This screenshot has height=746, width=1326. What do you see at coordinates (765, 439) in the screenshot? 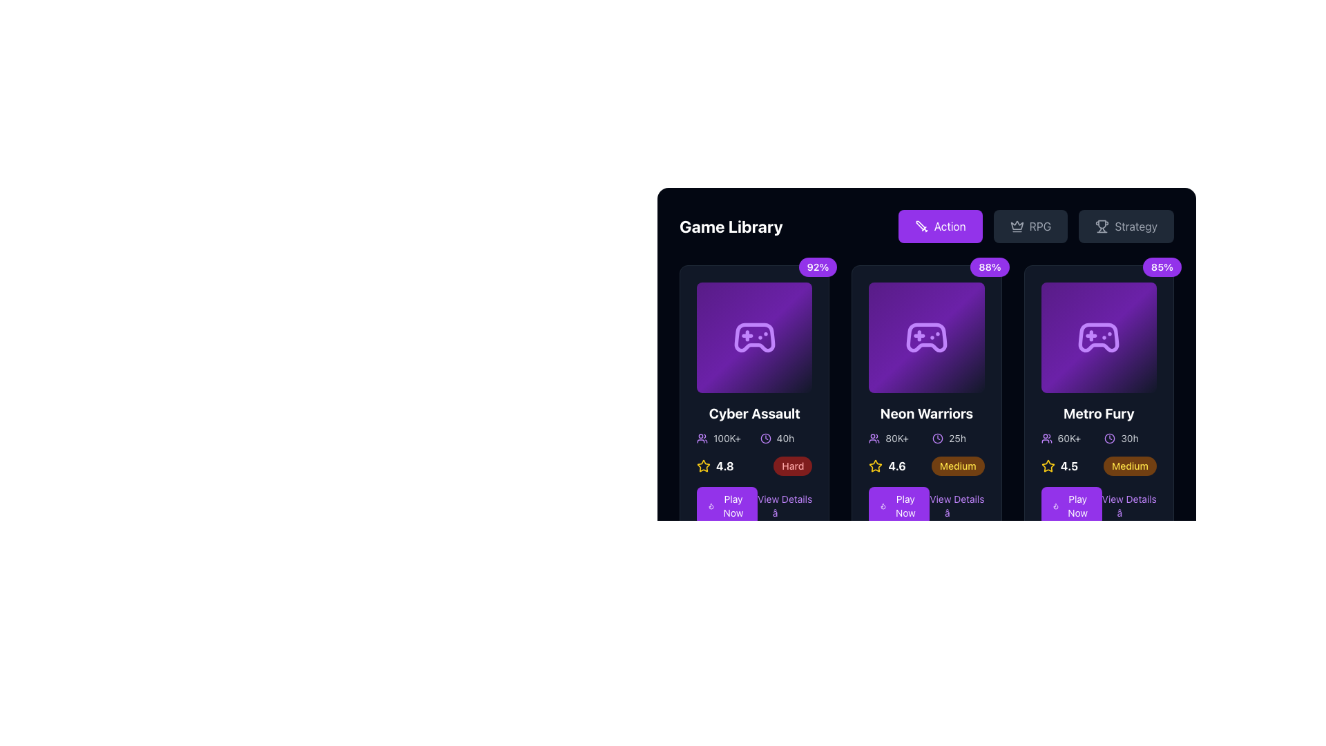
I see `the small purple clock icon located to the left of the '40h' text in the Cyber Assault card, which signifies time-related information` at bounding box center [765, 439].